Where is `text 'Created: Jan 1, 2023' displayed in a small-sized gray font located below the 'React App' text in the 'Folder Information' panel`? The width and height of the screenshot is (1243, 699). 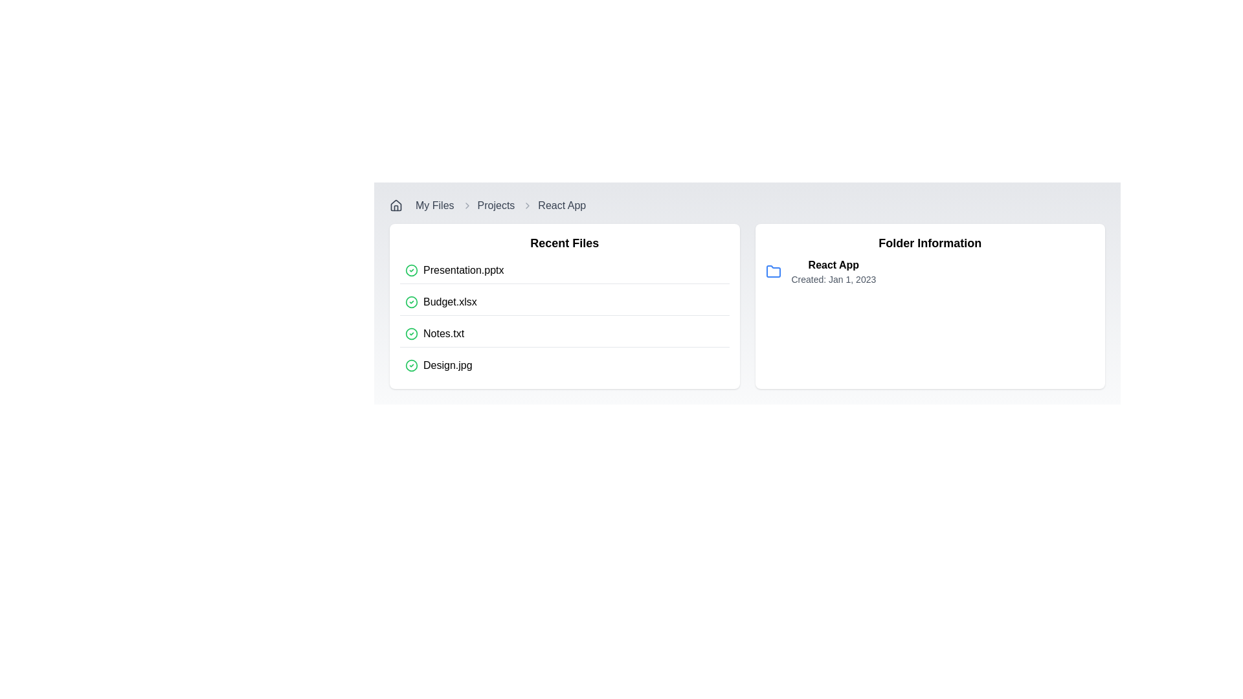 text 'Created: Jan 1, 2023' displayed in a small-sized gray font located below the 'React App' text in the 'Folder Information' panel is located at coordinates (833, 279).